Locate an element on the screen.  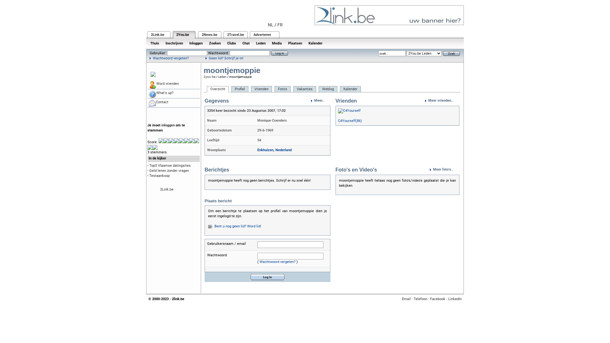
'Kalender' is located at coordinates (315, 43).